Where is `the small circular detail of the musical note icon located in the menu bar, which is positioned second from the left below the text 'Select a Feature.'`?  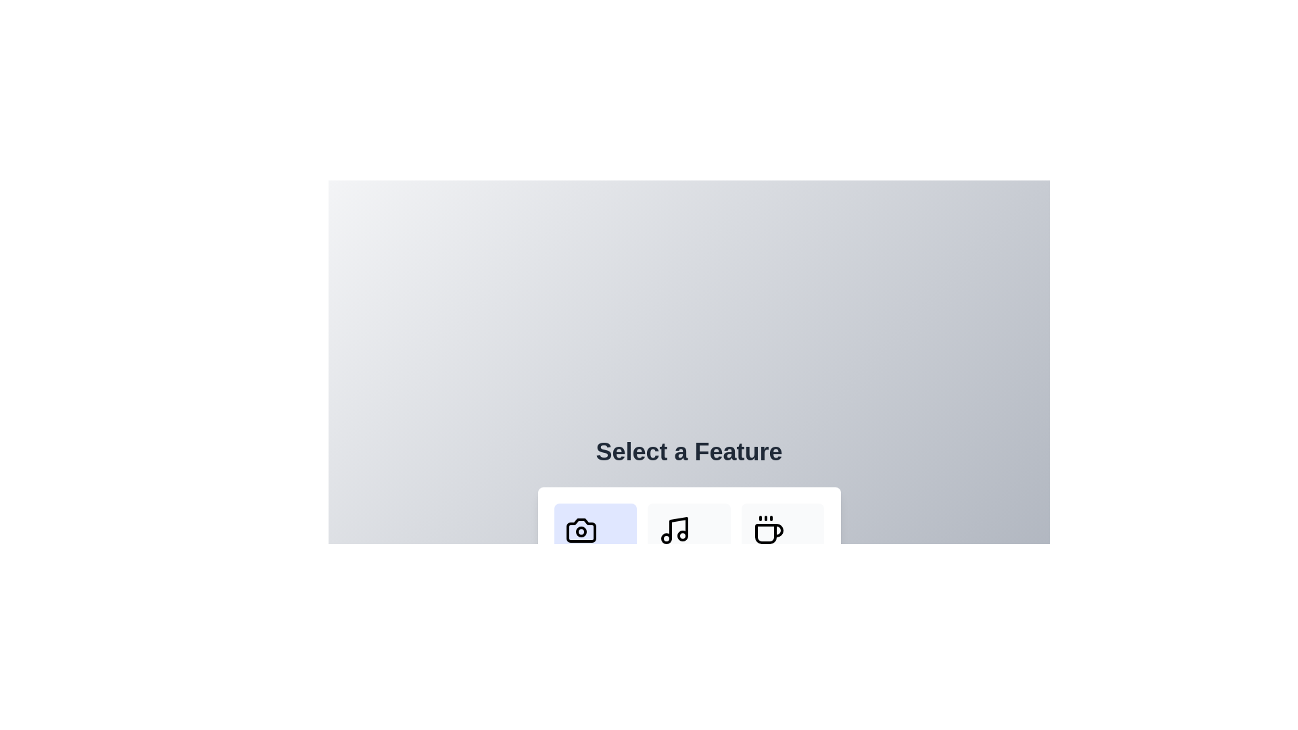 the small circular detail of the musical note icon located in the menu bar, which is positioned second from the left below the text 'Select a Feature.' is located at coordinates (683, 535).